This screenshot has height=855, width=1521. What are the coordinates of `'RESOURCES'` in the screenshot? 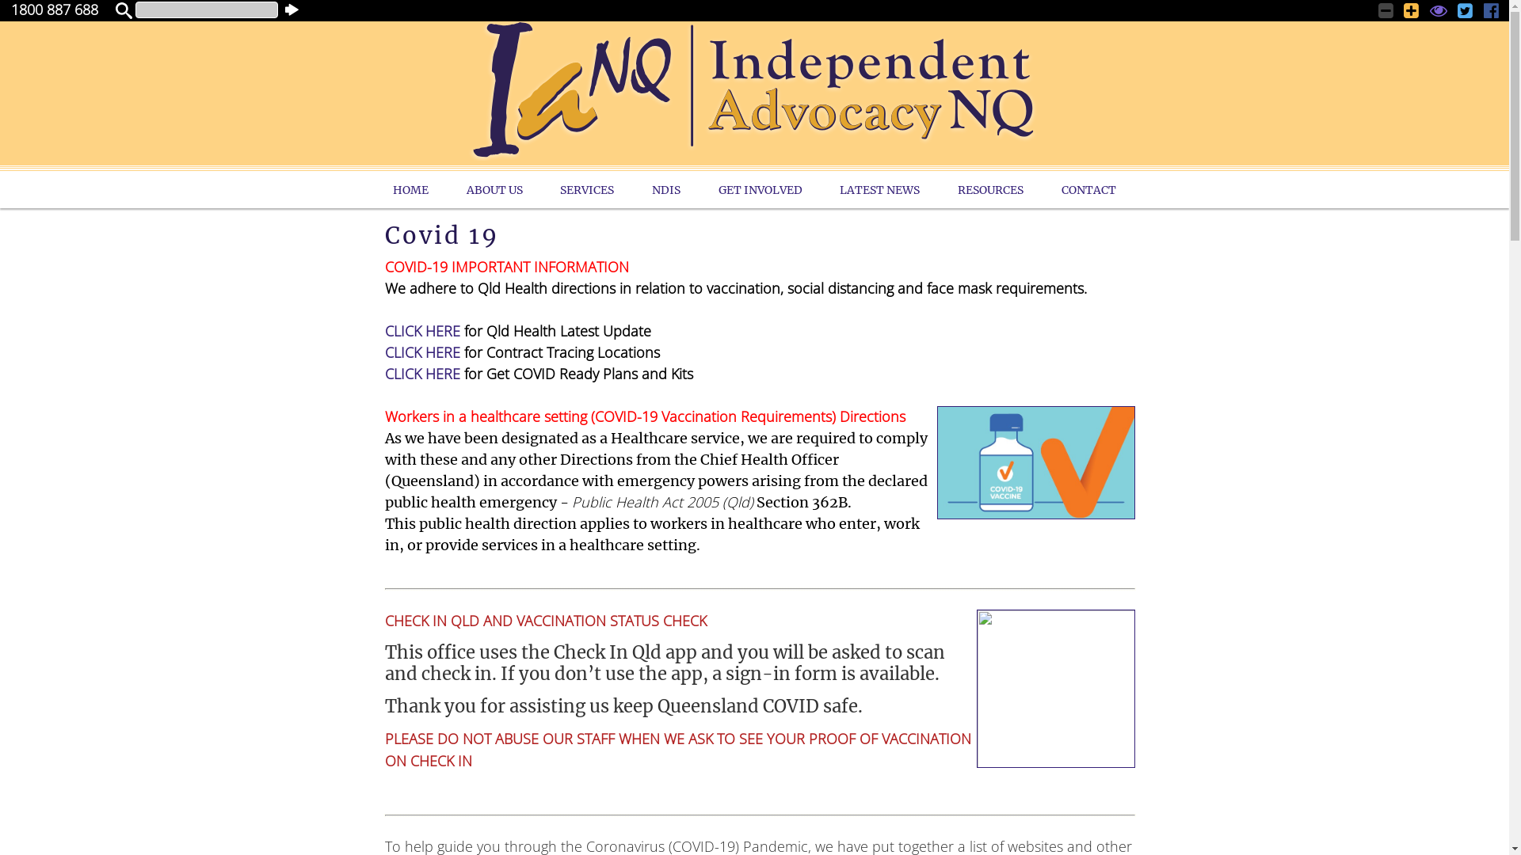 It's located at (989, 188).